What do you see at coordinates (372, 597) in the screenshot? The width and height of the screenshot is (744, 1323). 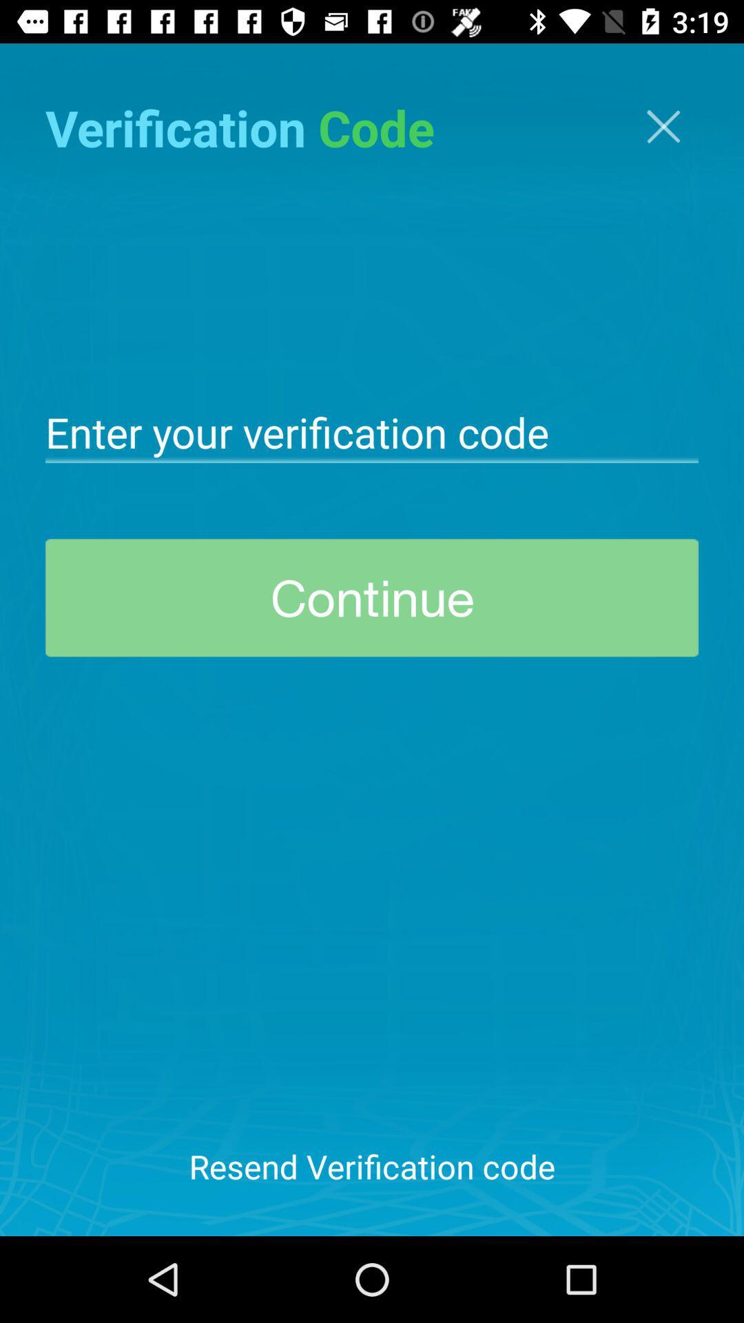 I see `the continue icon` at bounding box center [372, 597].